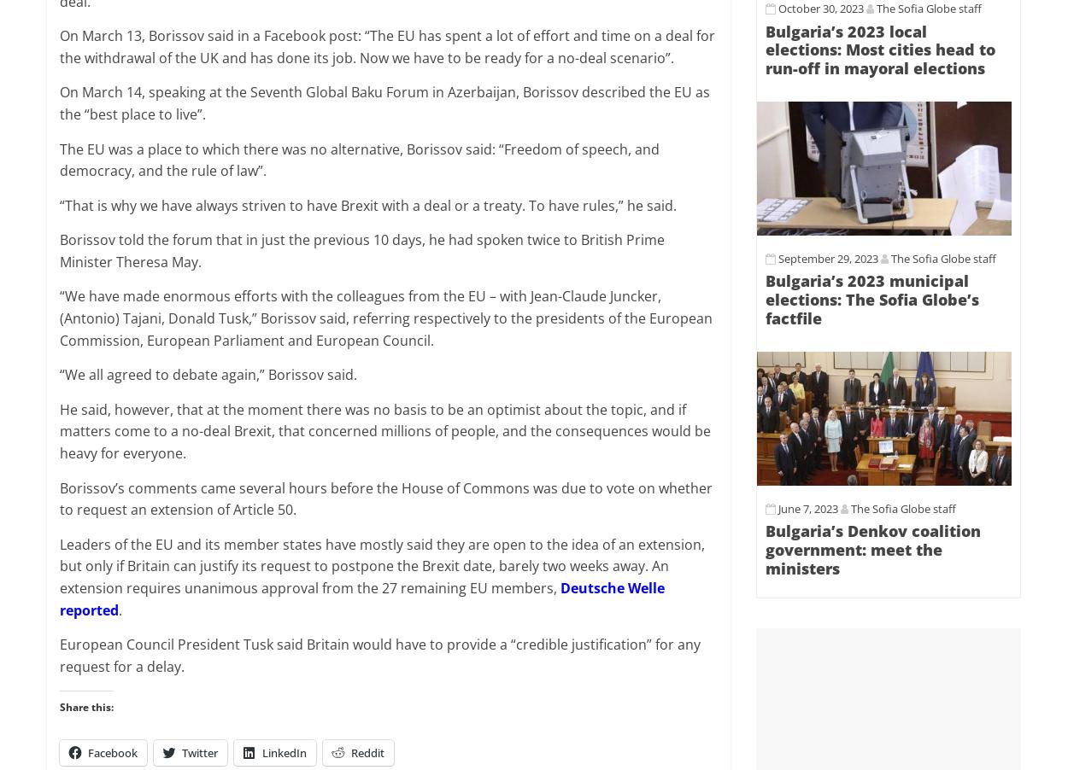  Describe the element at coordinates (85, 707) in the screenshot. I see `'Share this:'` at that location.